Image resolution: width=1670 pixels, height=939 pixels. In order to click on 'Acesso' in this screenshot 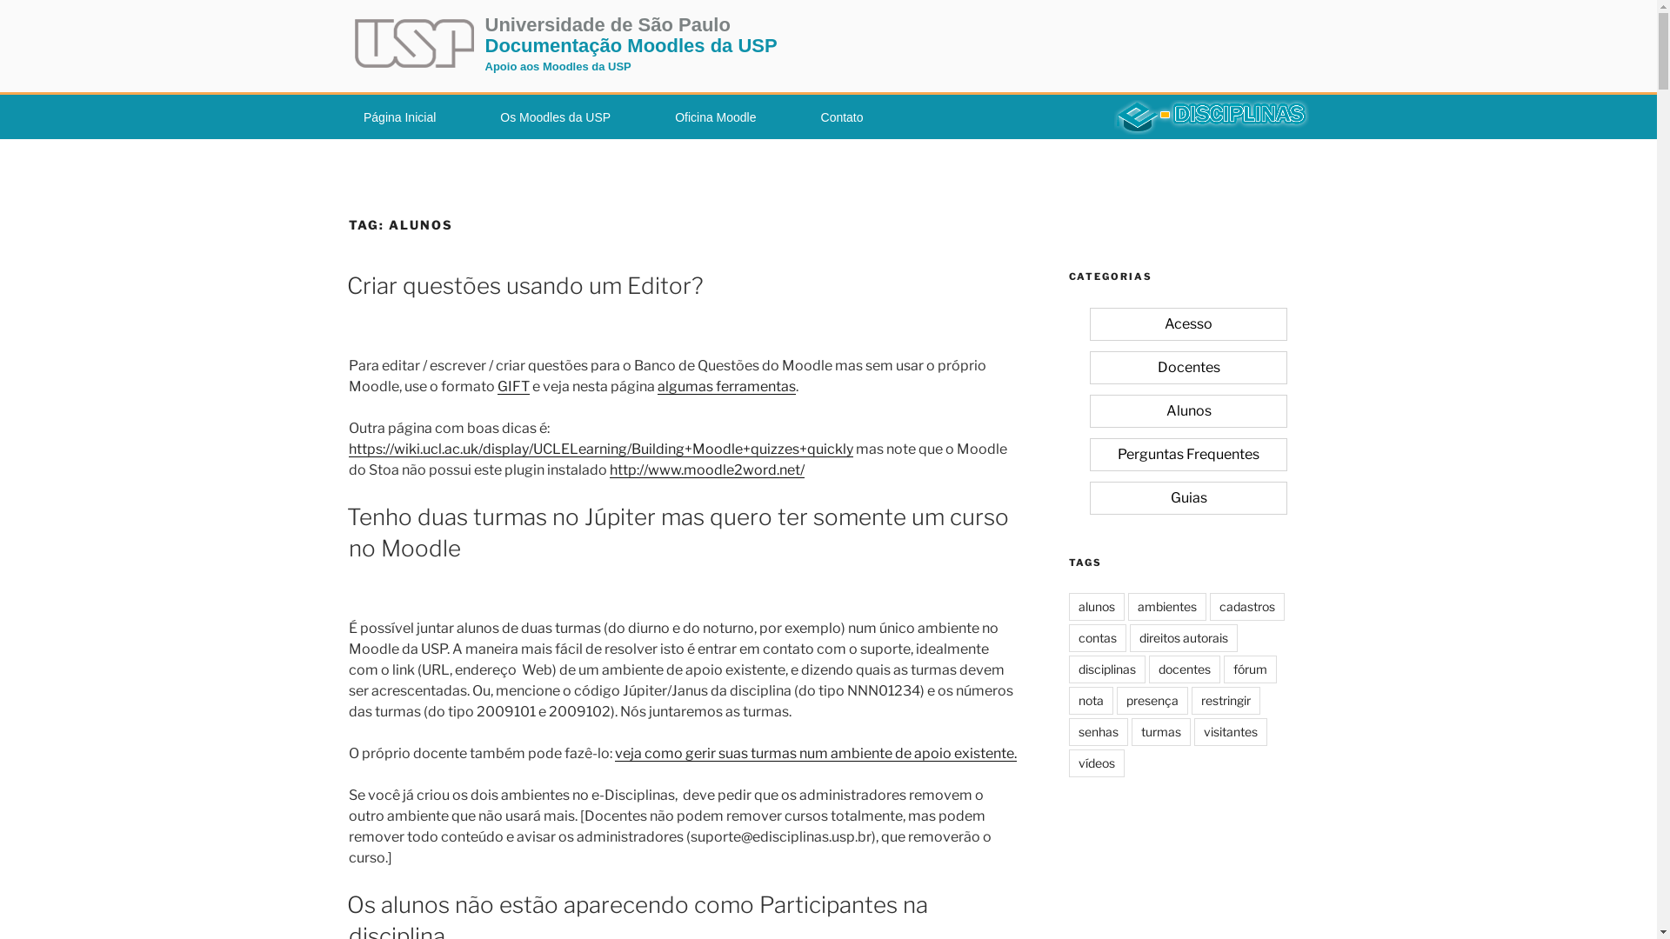, I will do `click(1187, 323)`.